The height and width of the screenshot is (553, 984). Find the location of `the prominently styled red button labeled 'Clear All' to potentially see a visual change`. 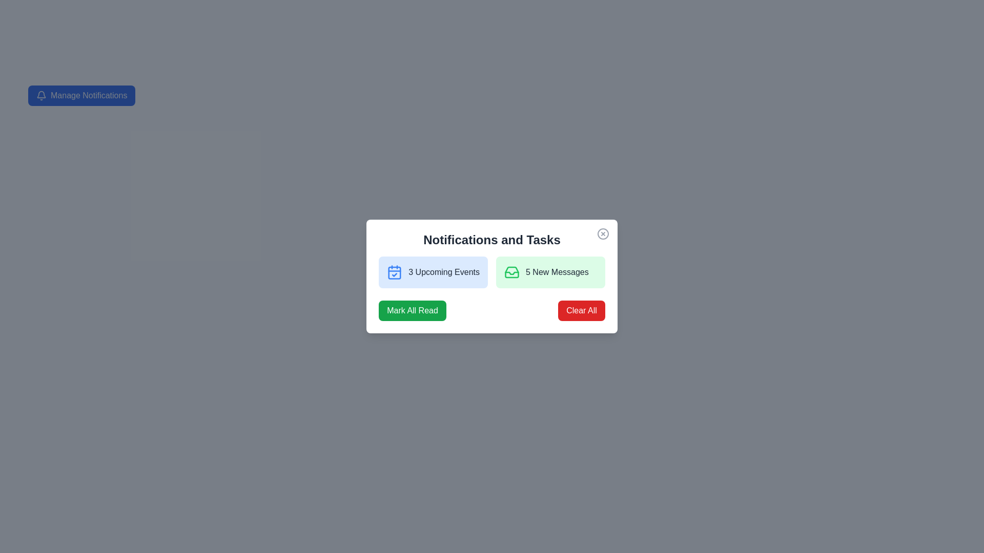

the prominently styled red button labeled 'Clear All' to potentially see a visual change is located at coordinates (581, 310).